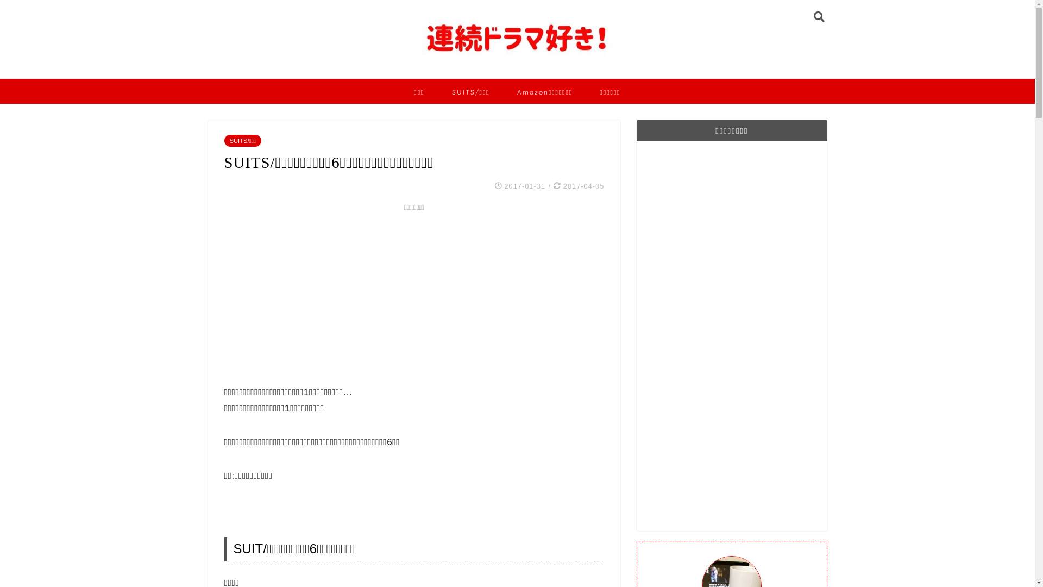 The image size is (1043, 587). Describe the element at coordinates (732, 335) in the screenshot. I see `'Advertisement'` at that location.